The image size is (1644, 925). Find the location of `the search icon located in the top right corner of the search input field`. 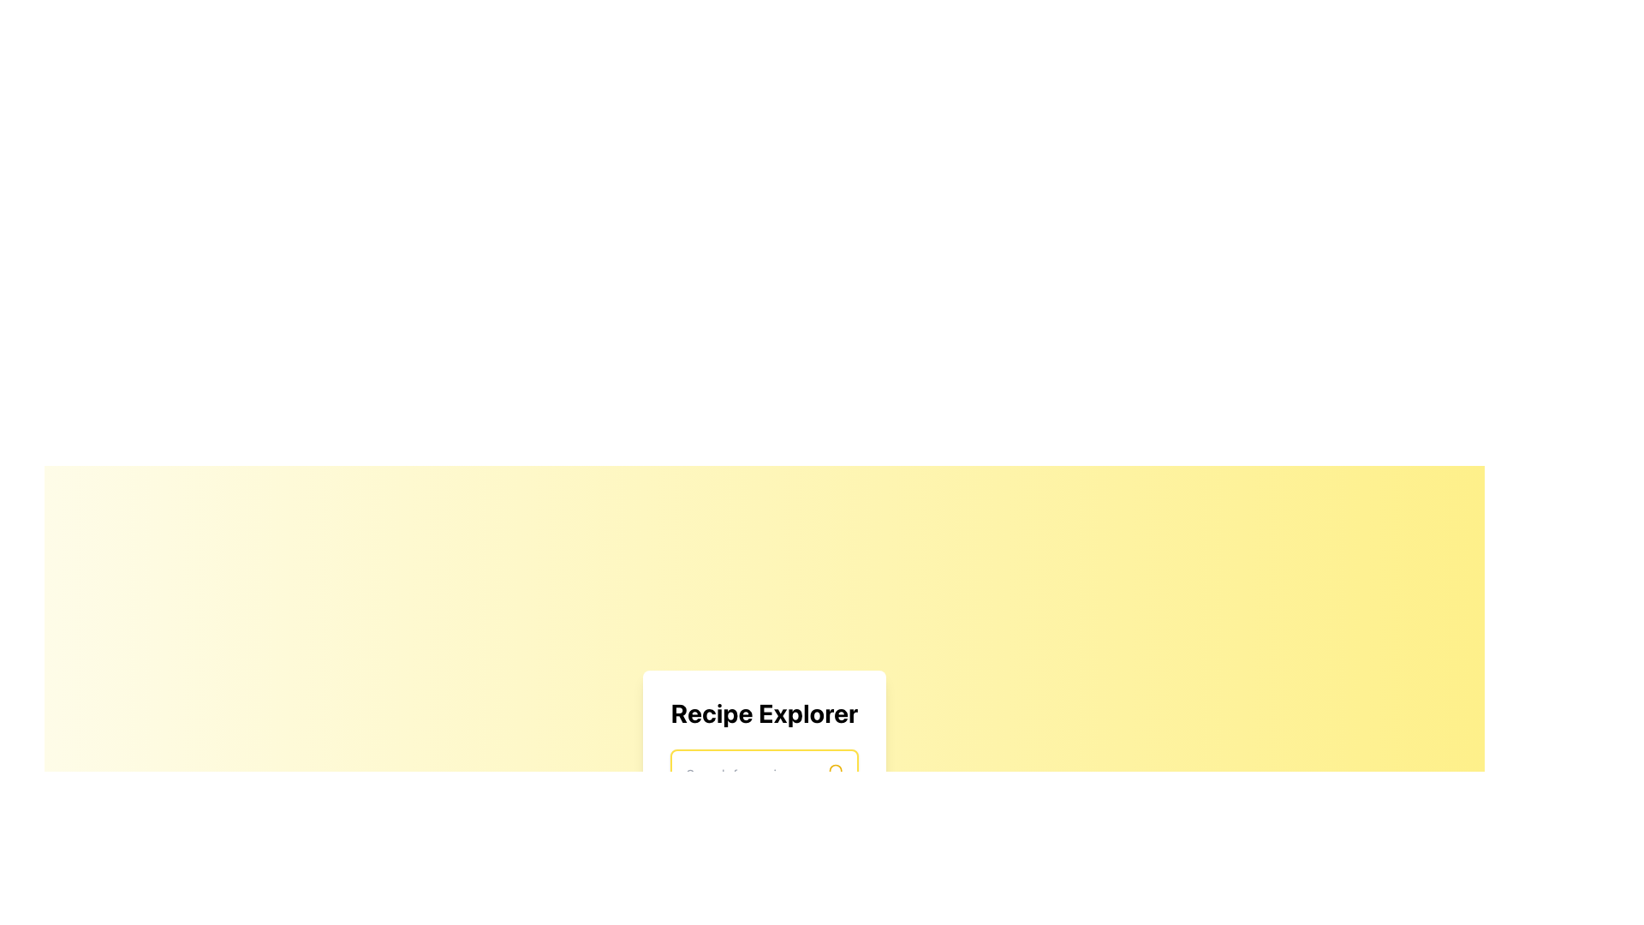

the search icon located in the top right corner of the search input field is located at coordinates (836, 771).